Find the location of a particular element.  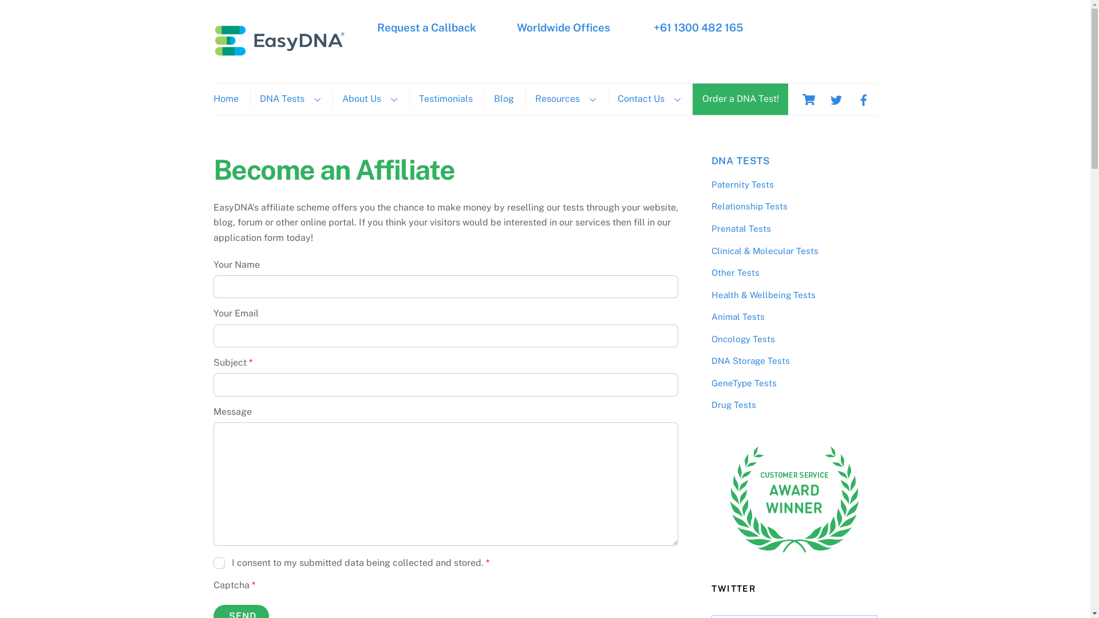

'Cart' is located at coordinates (807, 98).